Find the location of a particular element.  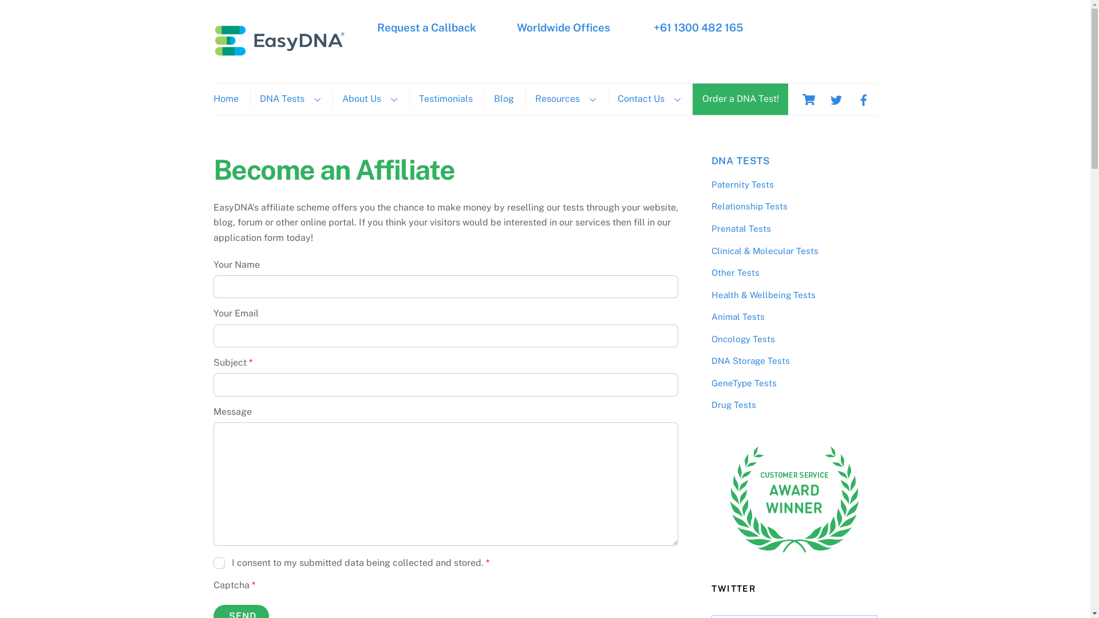

'Cart' is located at coordinates (807, 98).